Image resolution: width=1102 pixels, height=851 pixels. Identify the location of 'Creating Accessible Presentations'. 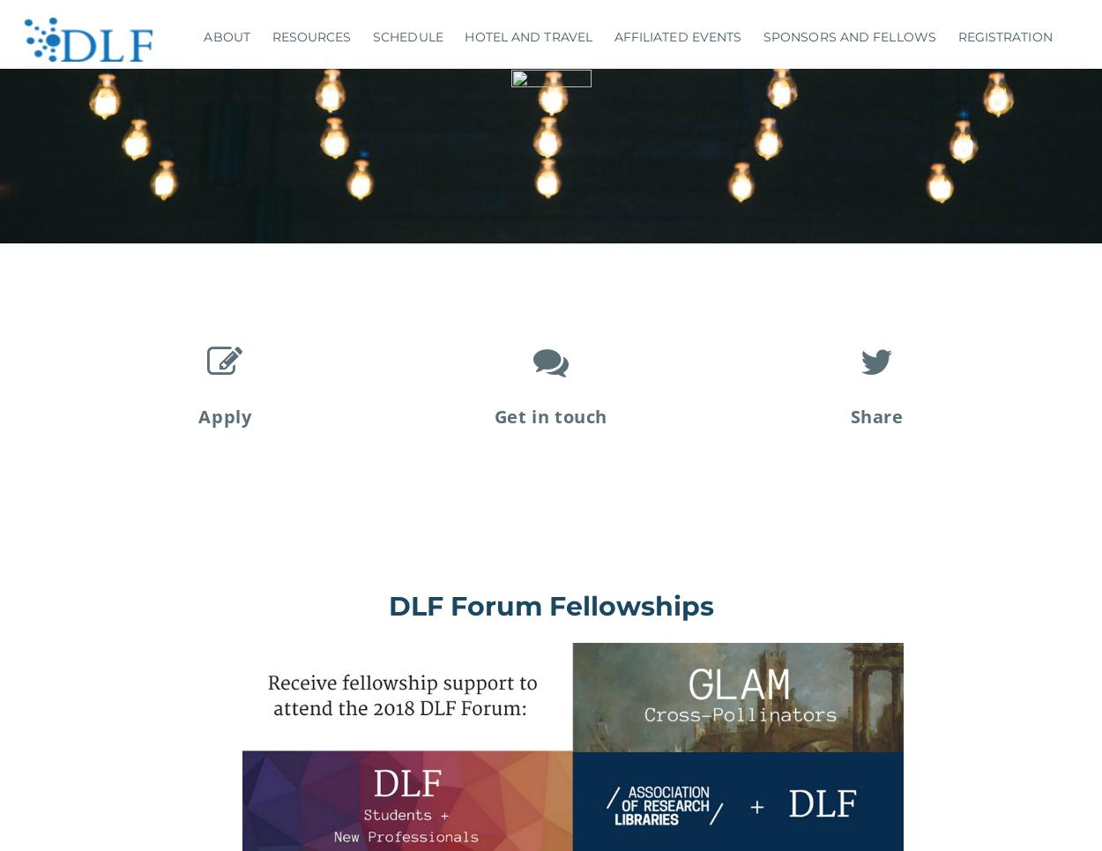
(267, 172).